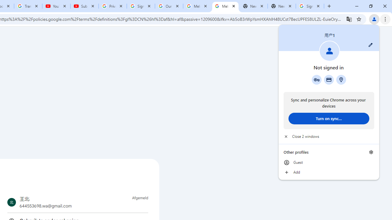 The height and width of the screenshot is (220, 392). I want to click on 'Close 2 windows', so click(328, 136).